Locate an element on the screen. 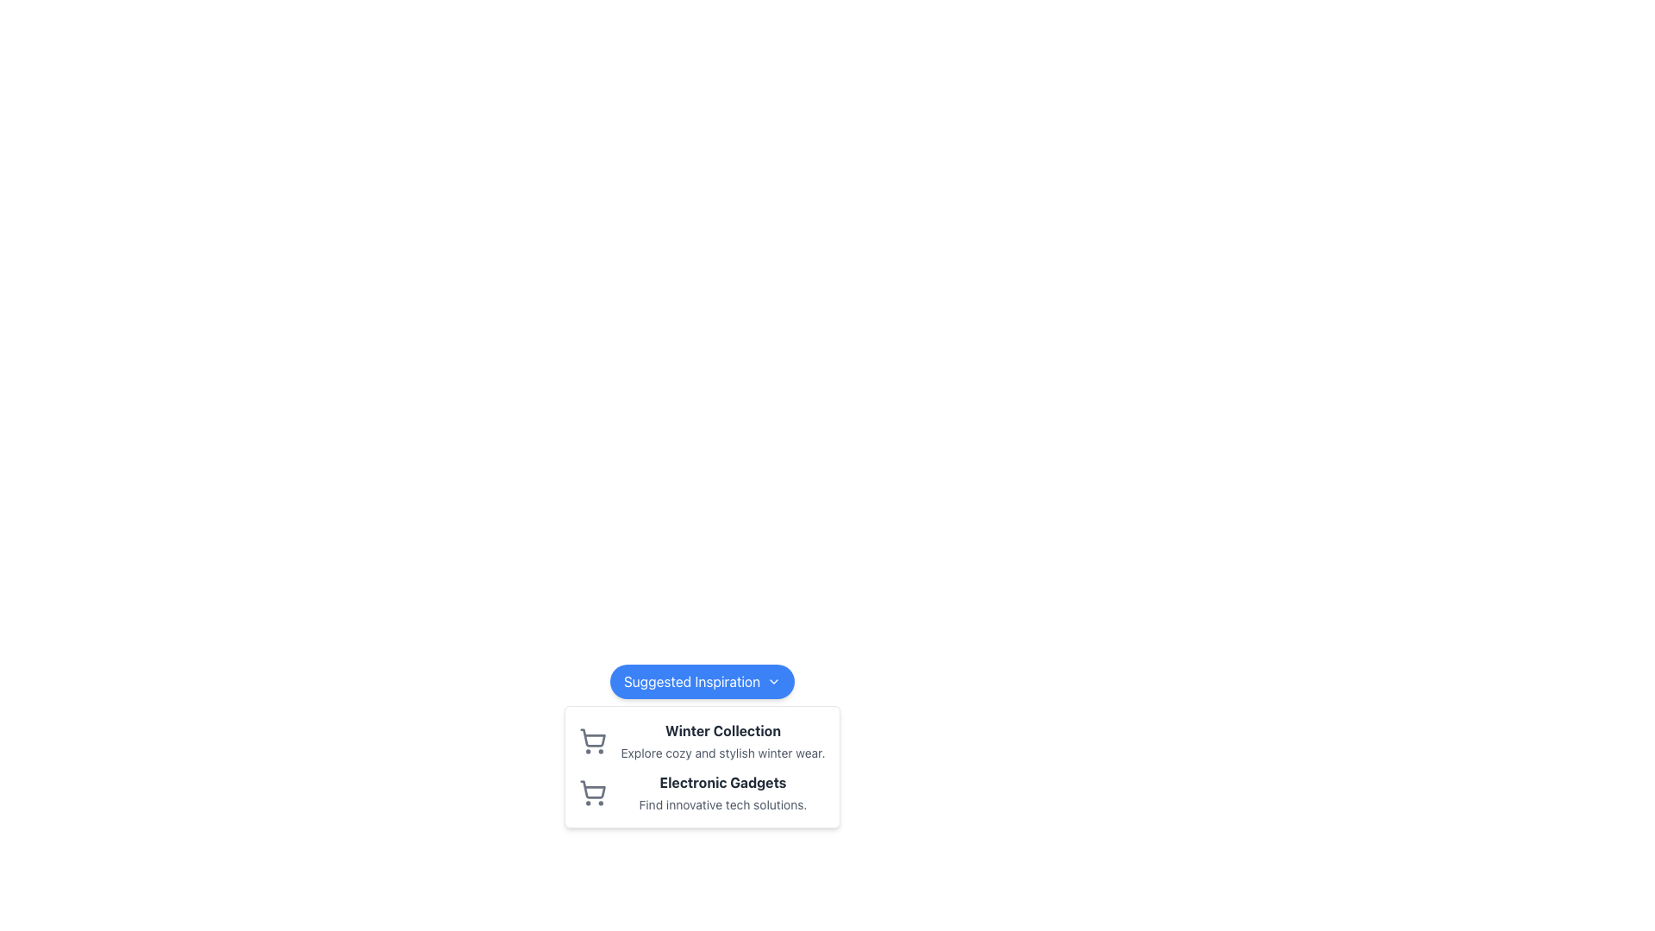 Image resolution: width=1655 pixels, height=931 pixels. text element that says 'Explore cozy and stylish winter wear.' which is located directly beneath the title 'Winter Collection' is located at coordinates (723, 753).